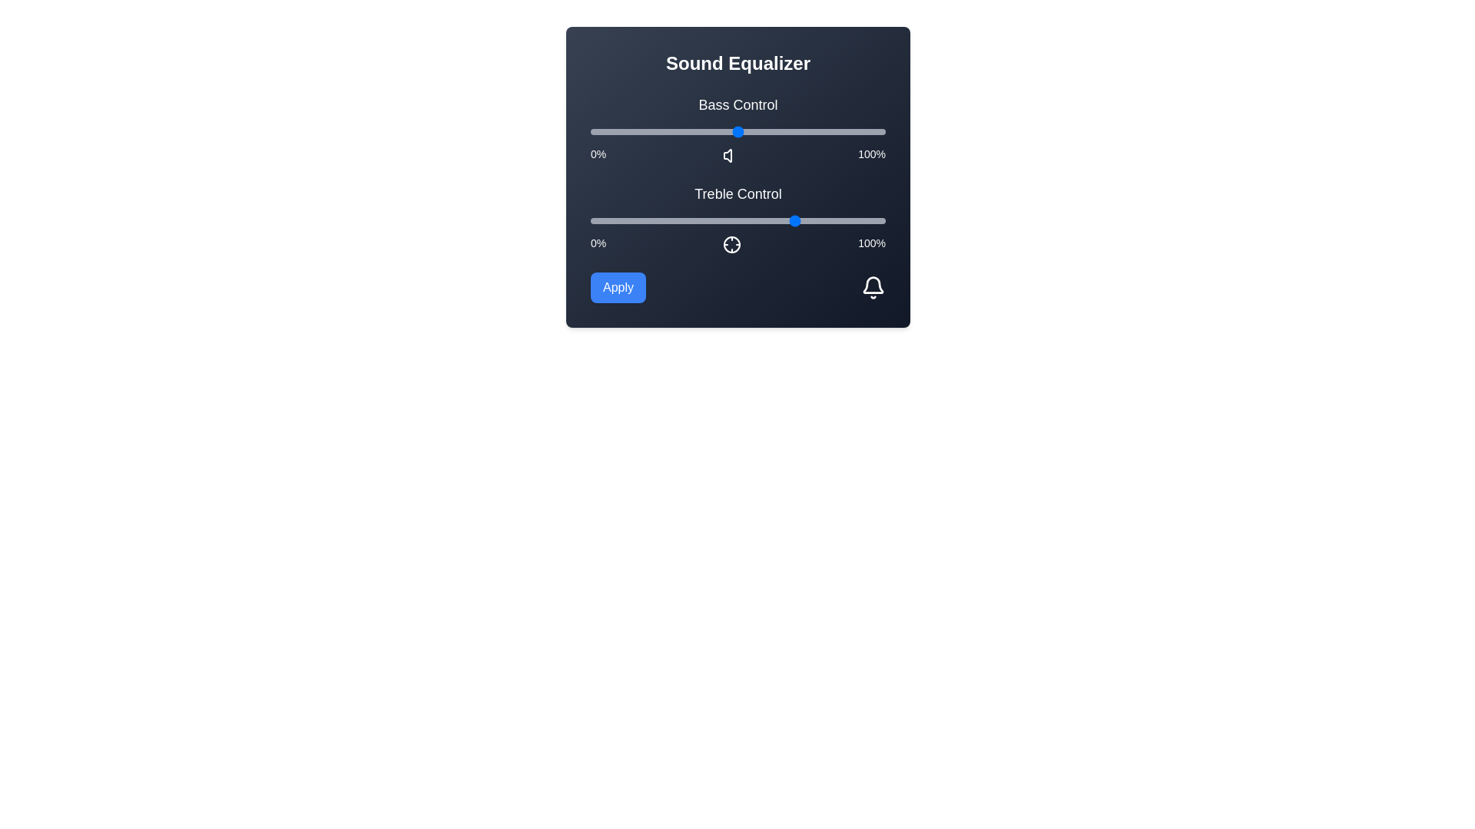  Describe the element at coordinates (791, 221) in the screenshot. I see `the treble slider to 68%` at that location.